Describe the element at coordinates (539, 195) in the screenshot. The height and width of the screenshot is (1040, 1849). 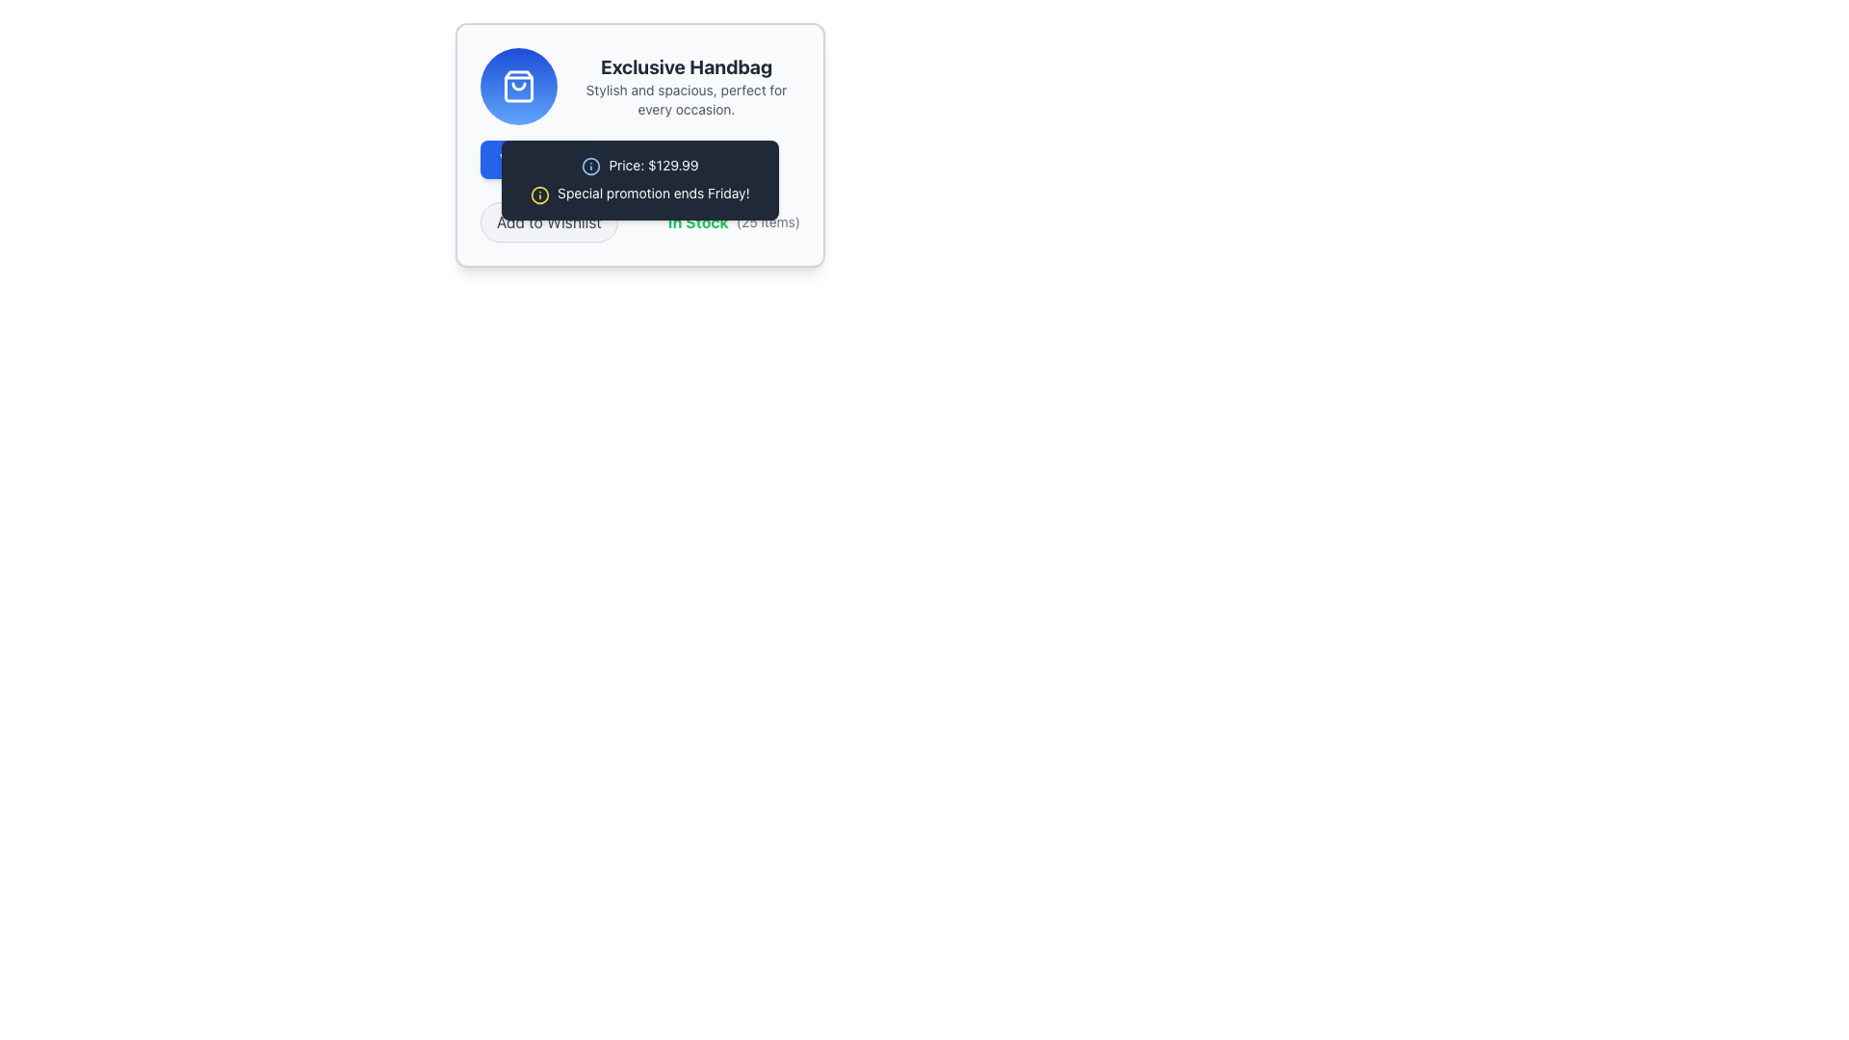
I see `the circular SVG element within the tooltip next to the price information` at that location.